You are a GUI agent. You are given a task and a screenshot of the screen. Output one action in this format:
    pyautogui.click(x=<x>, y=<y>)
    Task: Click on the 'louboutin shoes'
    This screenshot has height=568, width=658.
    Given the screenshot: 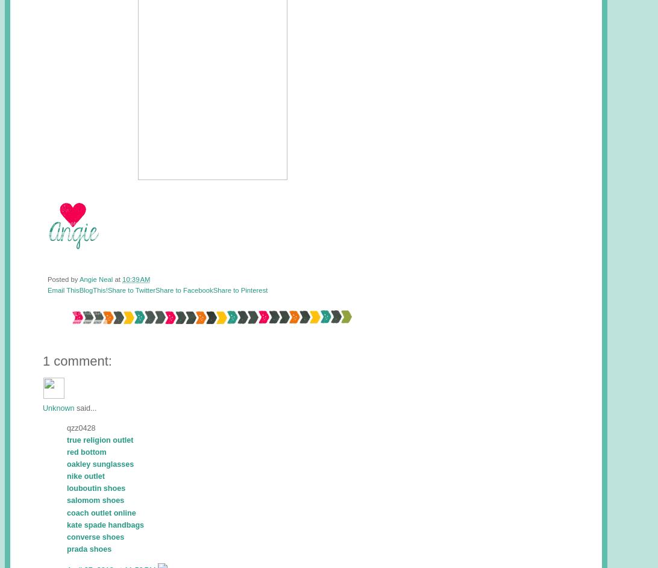 What is the action you would take?
    pyautogui.click(x=96, y=487)
    